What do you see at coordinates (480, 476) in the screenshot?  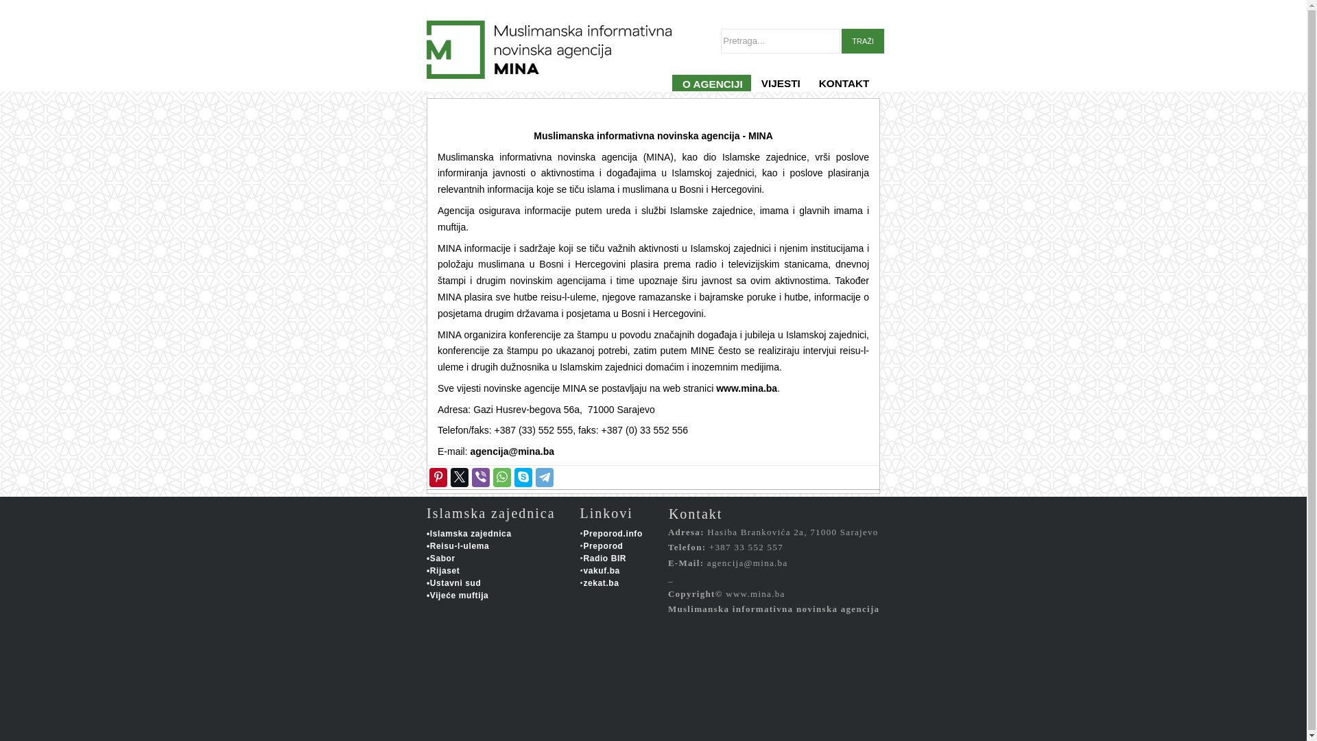 I see `'Viber'` at bounding box center [480, 476].